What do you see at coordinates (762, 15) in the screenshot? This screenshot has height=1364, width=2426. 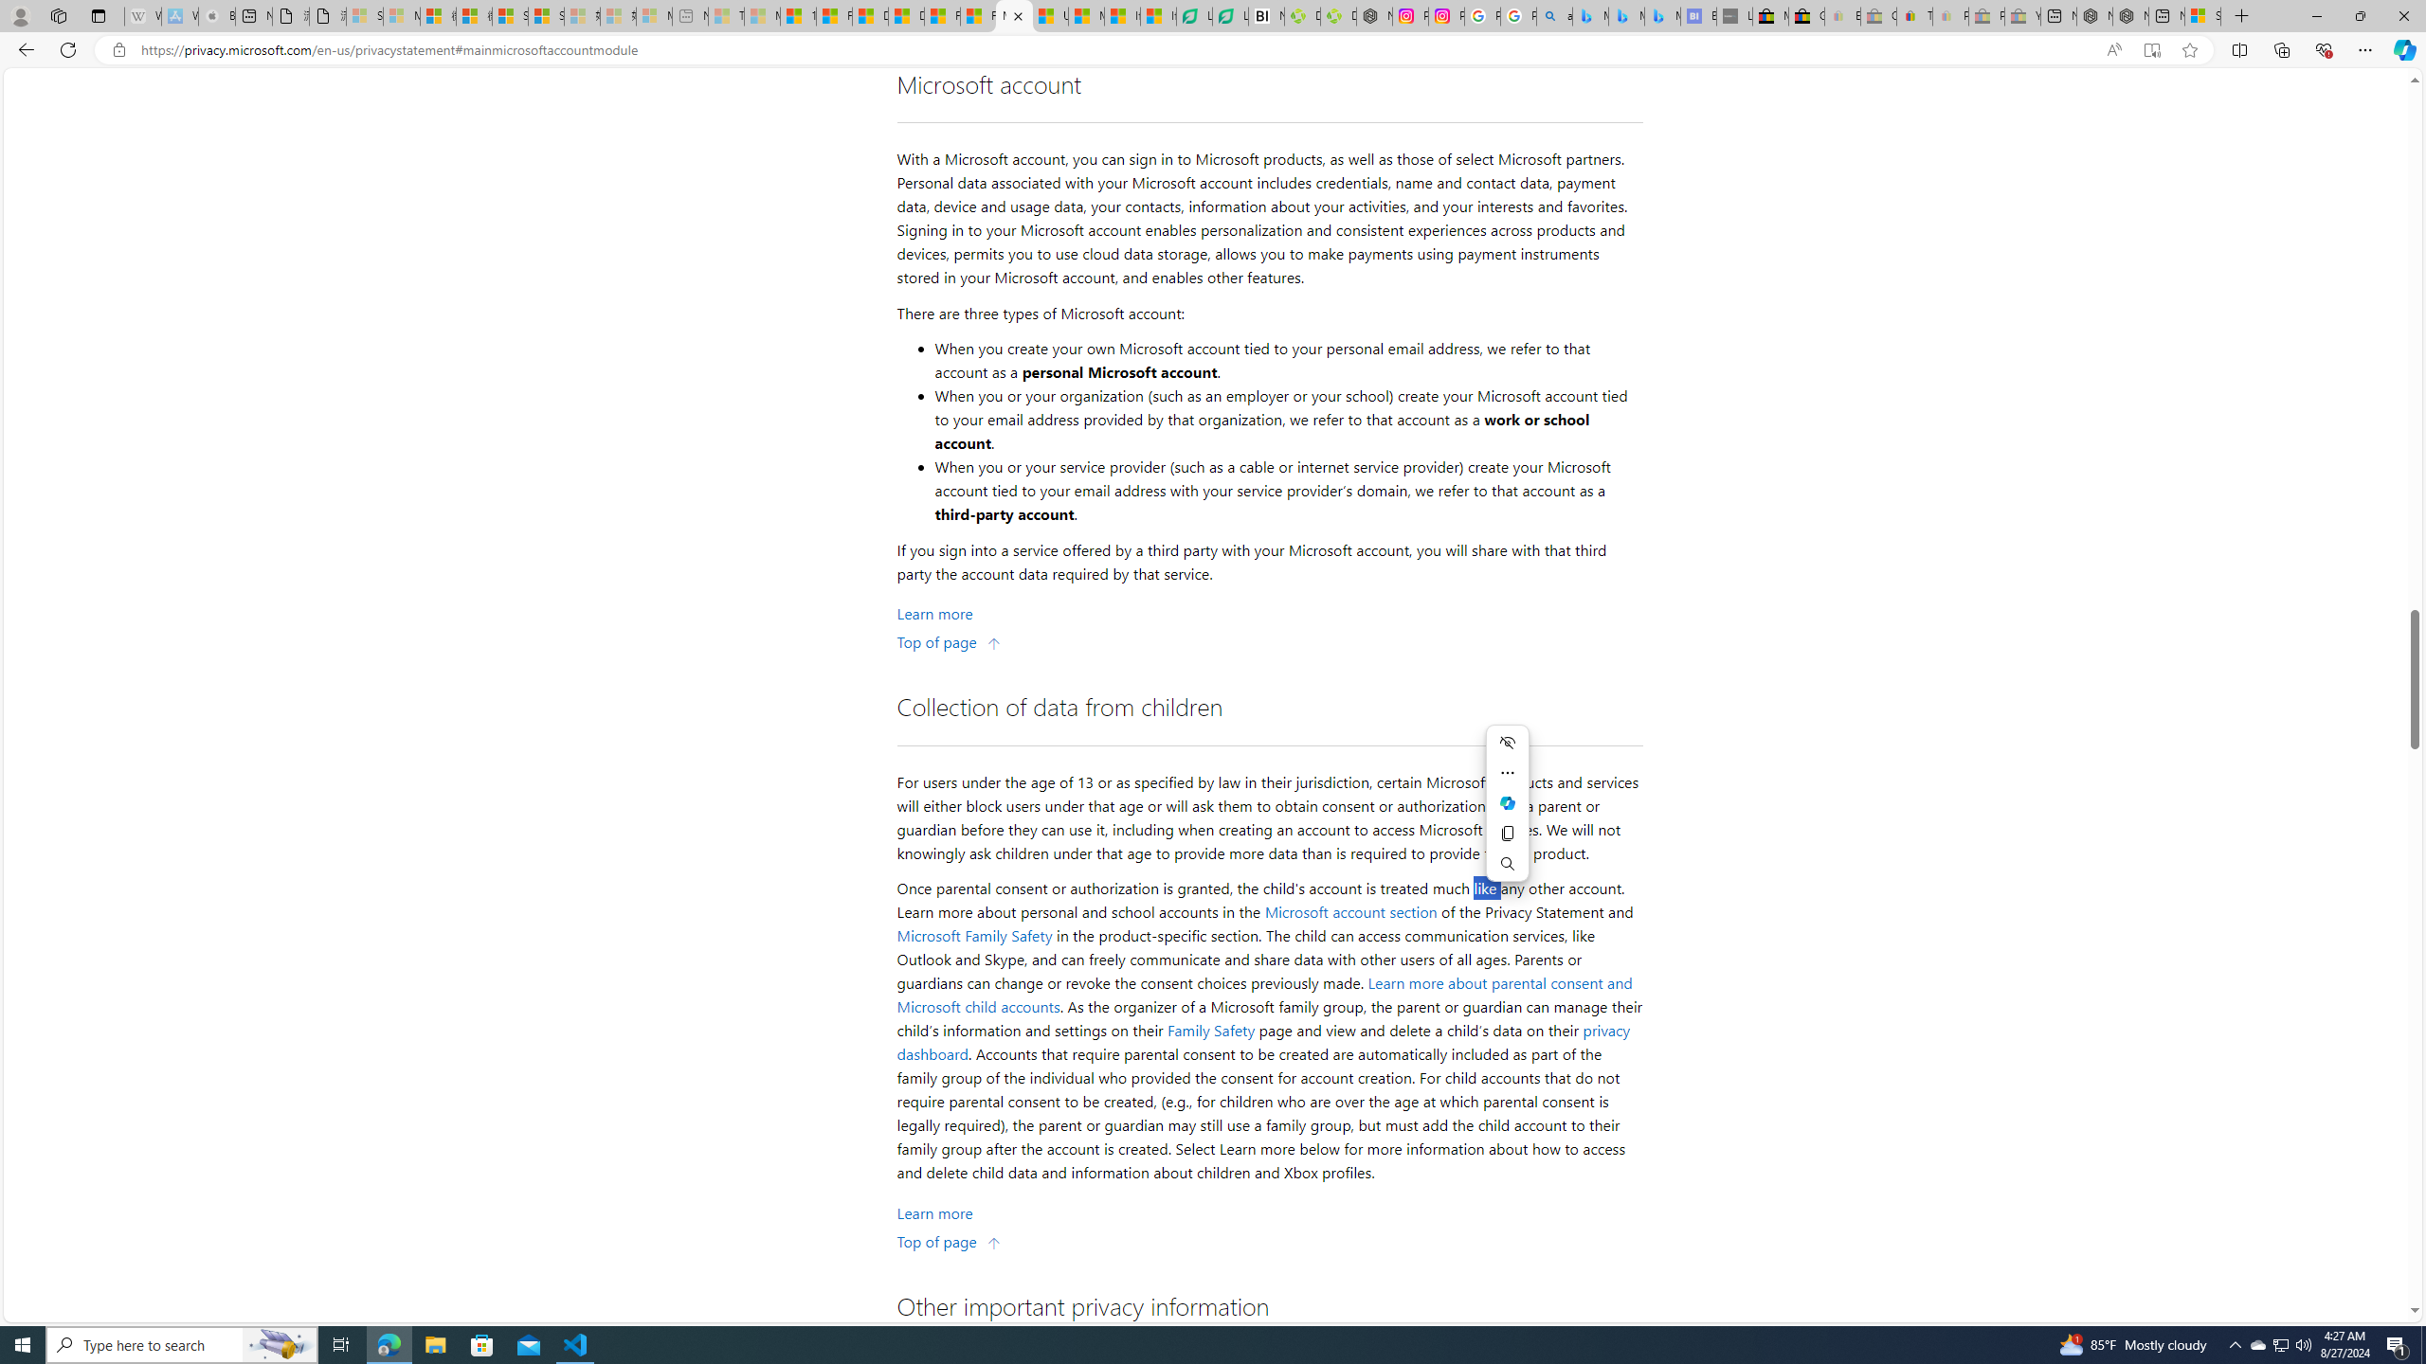 I see `'Marine life - MSN - Sleeping'` at bounding box center [762, 15].